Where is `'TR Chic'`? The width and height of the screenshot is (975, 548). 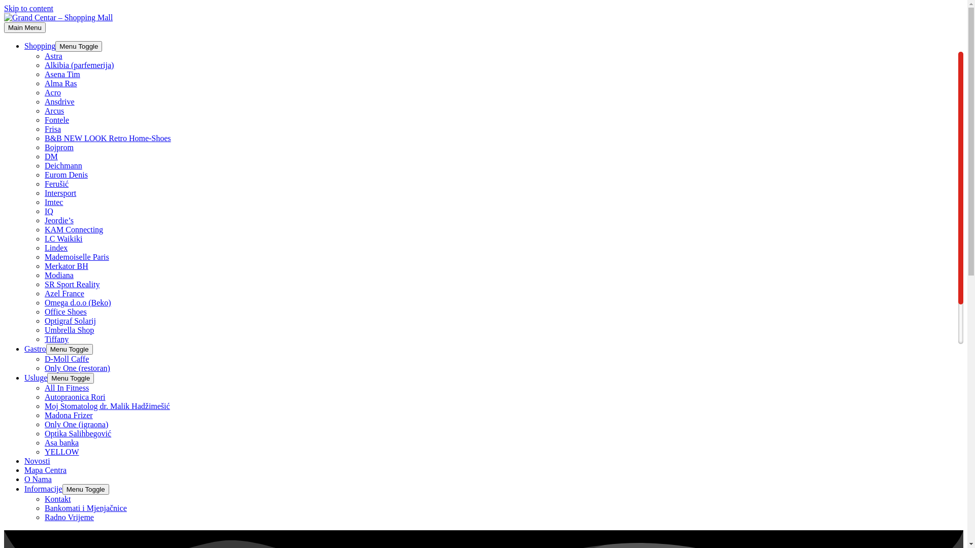 'TR Chic' is located at coordinates (58, 357).